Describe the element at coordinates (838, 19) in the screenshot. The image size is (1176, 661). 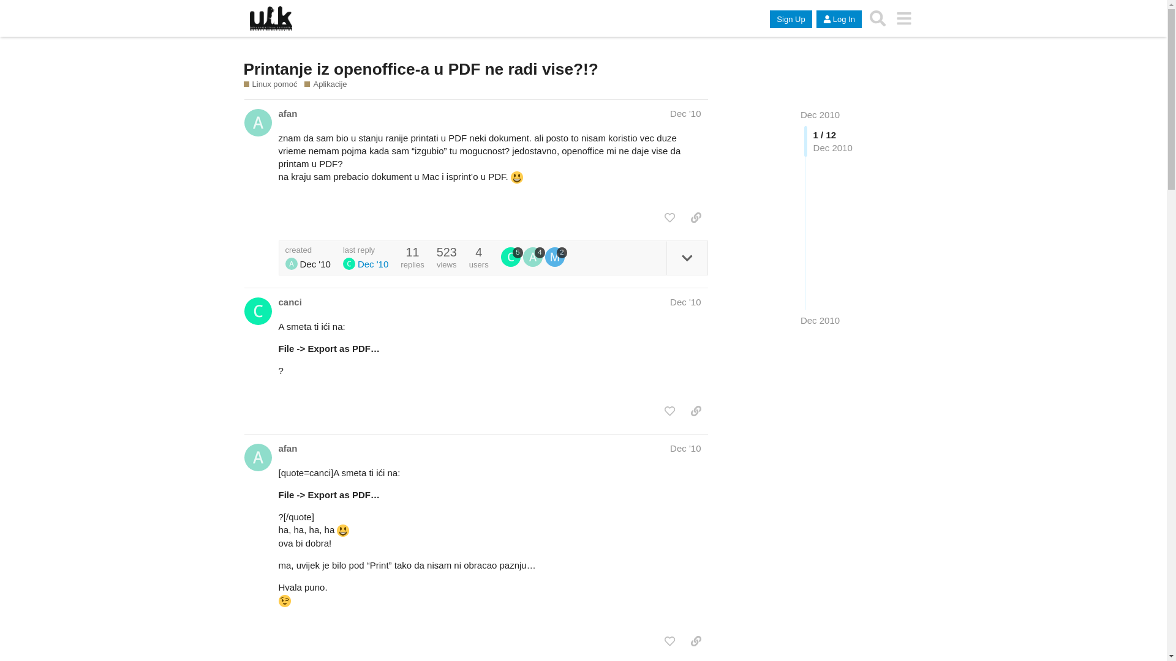
I see `'Log In'` at that location.